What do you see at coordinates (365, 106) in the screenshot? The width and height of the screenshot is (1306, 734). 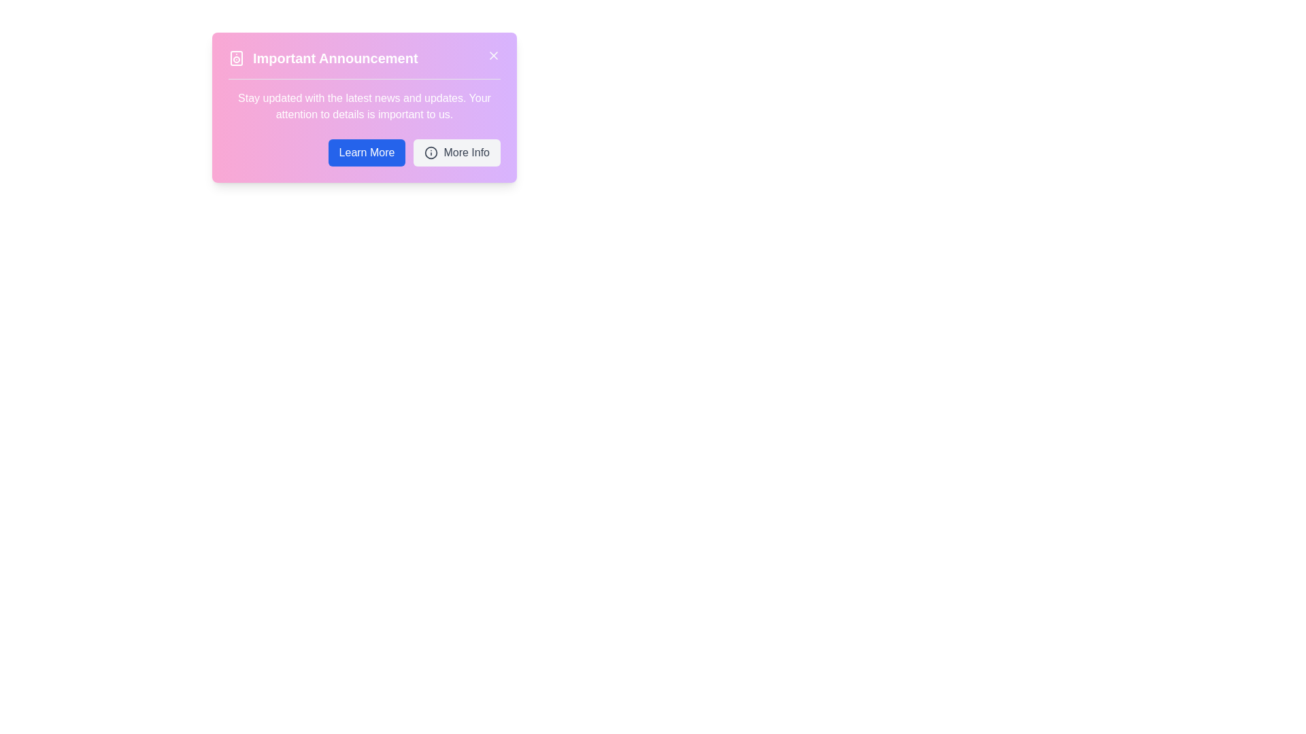 I see `the static text label displaying the message 'Stay updated with the latest news and updates.' which is centered below the heading 'Important Announcement' and above the buttons 'Learn More' and 'More Info.'` at bounding box center [365, 106].